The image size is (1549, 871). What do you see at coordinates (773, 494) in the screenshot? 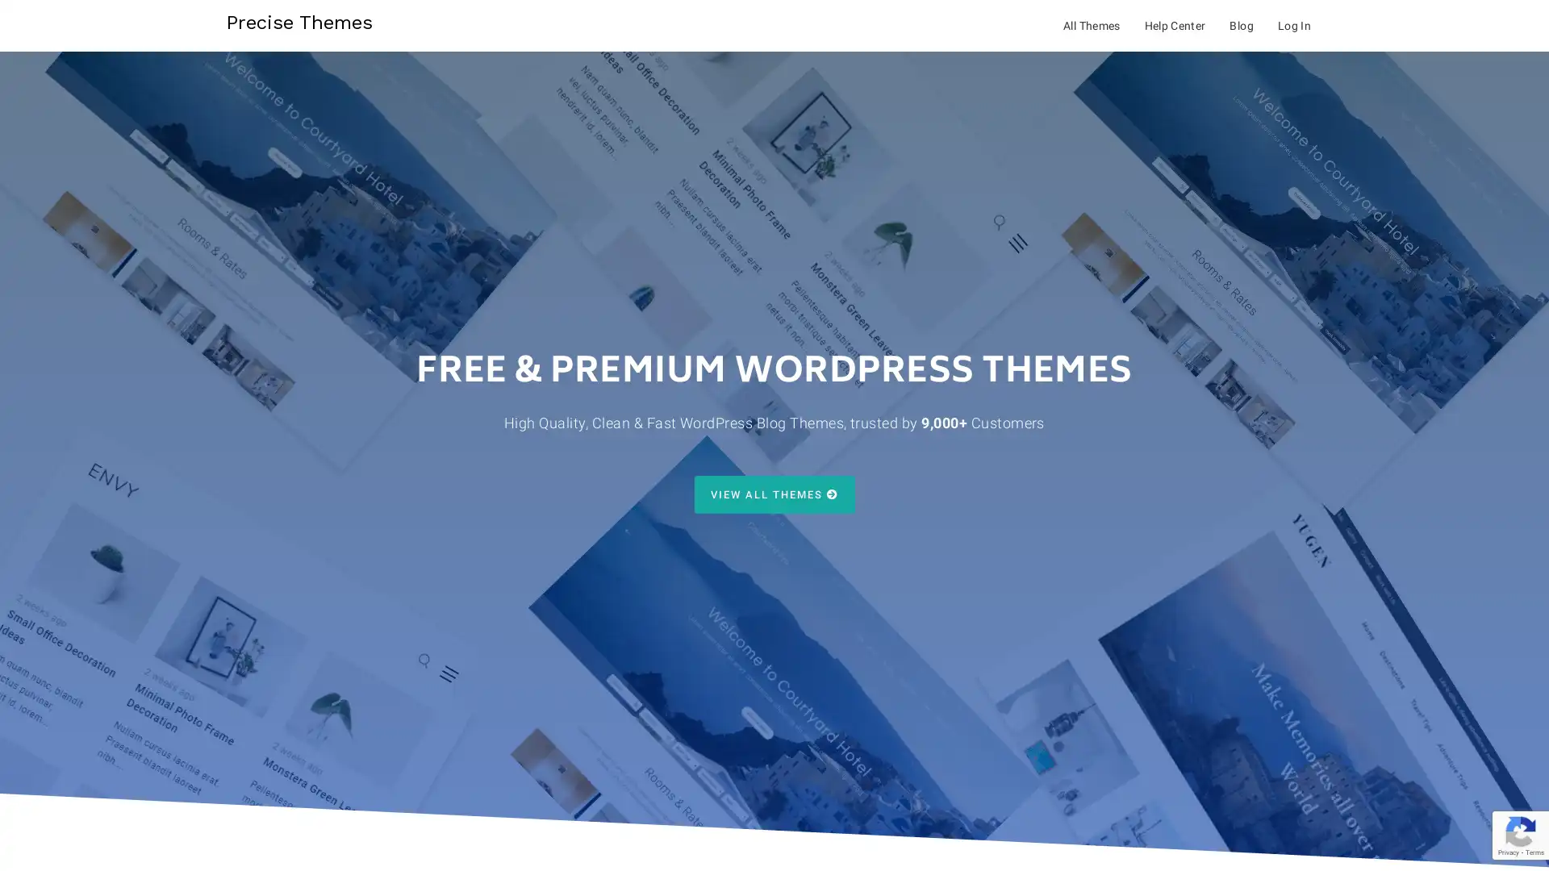
I see `VIEW ALL THEMES` at bounding box center [773, 494].